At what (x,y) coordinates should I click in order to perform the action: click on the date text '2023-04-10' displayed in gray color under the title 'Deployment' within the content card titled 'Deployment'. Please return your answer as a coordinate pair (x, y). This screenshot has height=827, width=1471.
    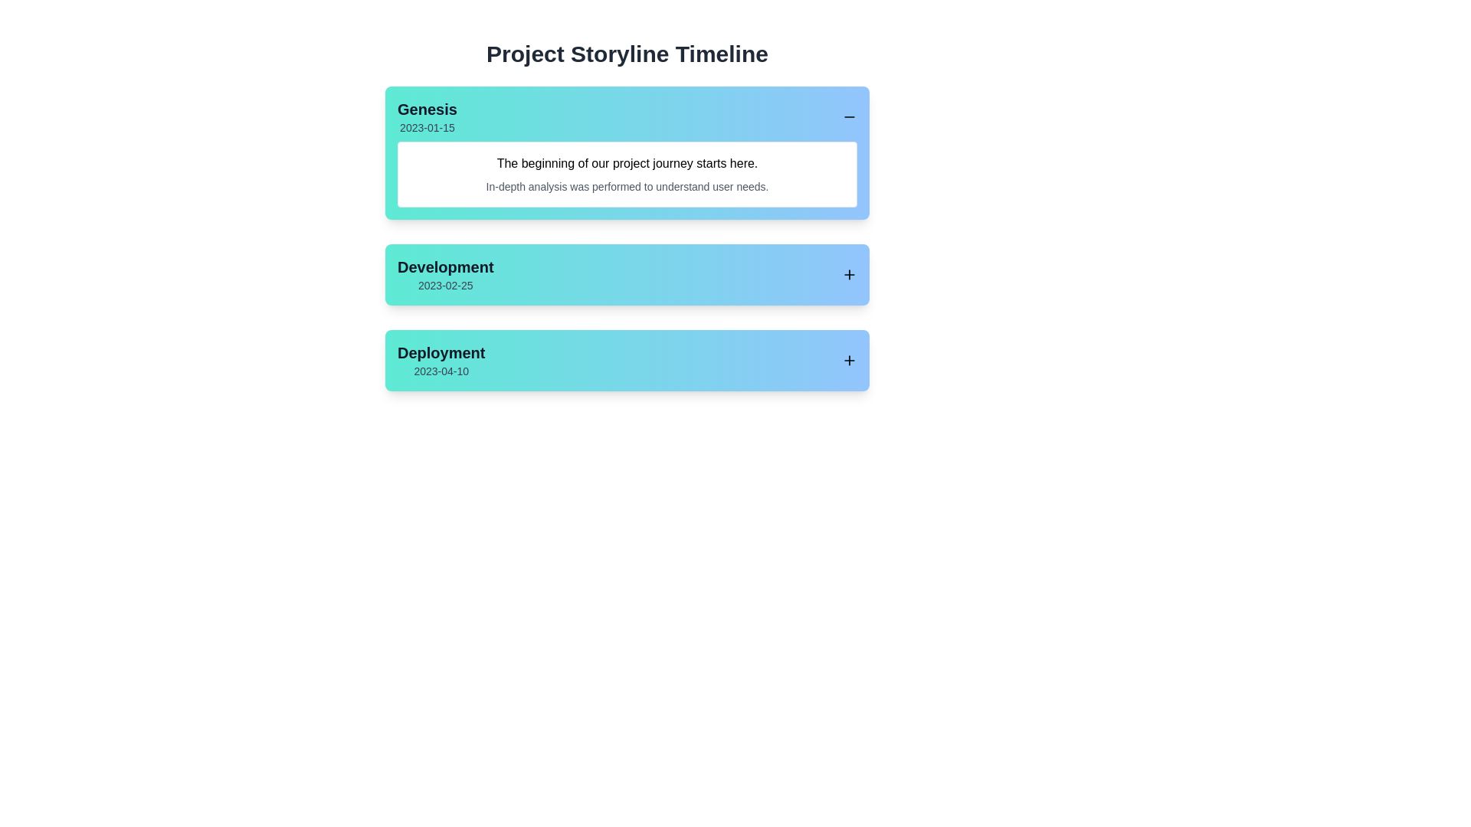
    Looking at the image, I should click on (441, 371).